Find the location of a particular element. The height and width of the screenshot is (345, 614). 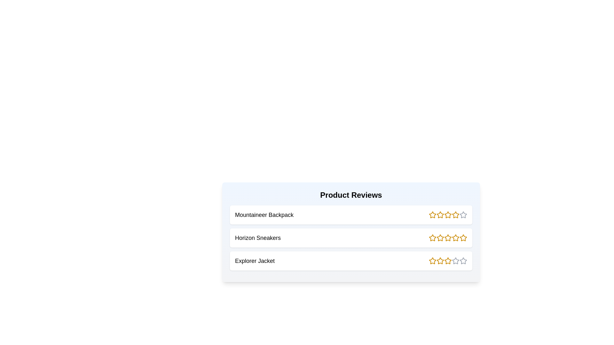

the rating of a product to 2 stars by clicking the corresponding star icon for the product Explorer Jacket is located at coordinates (440, 261).